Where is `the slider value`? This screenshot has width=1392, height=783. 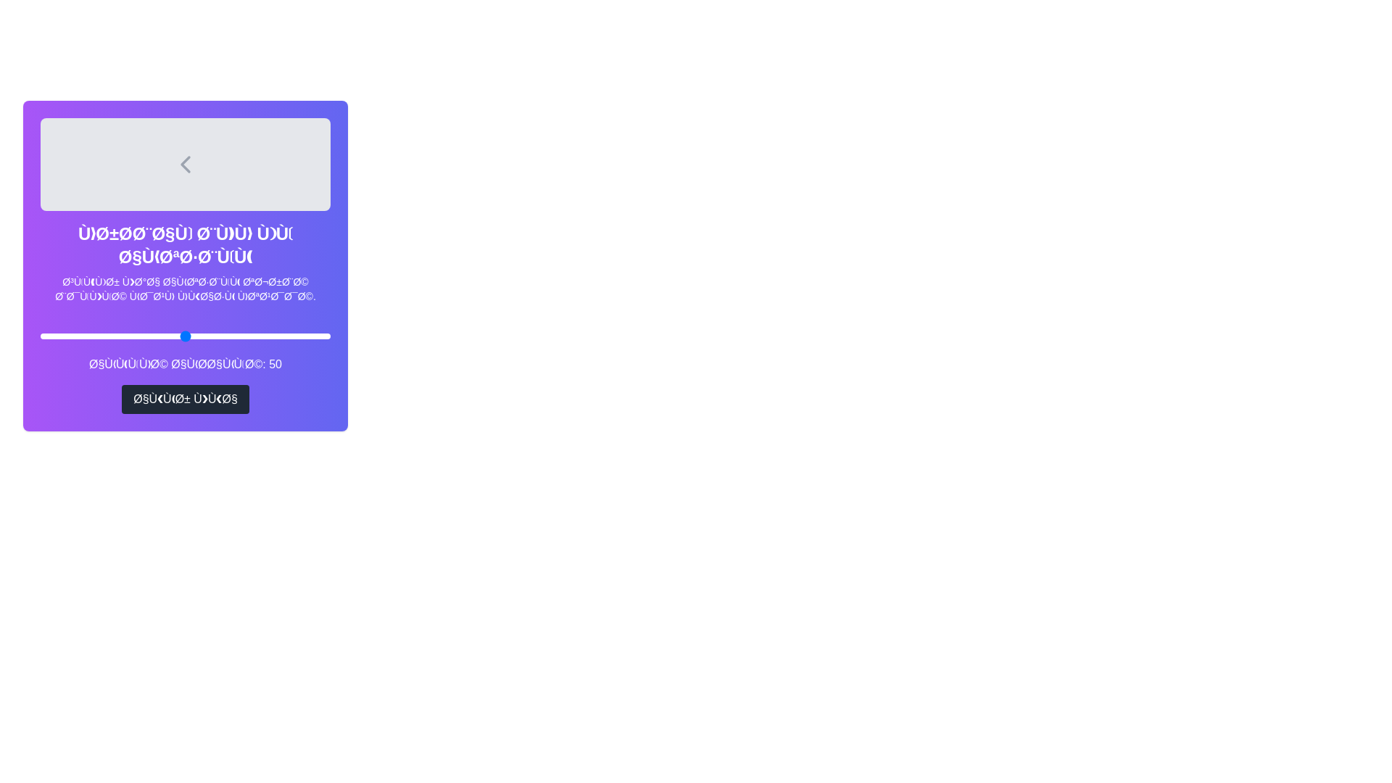
the slider value is located at coordinates (118, 336).